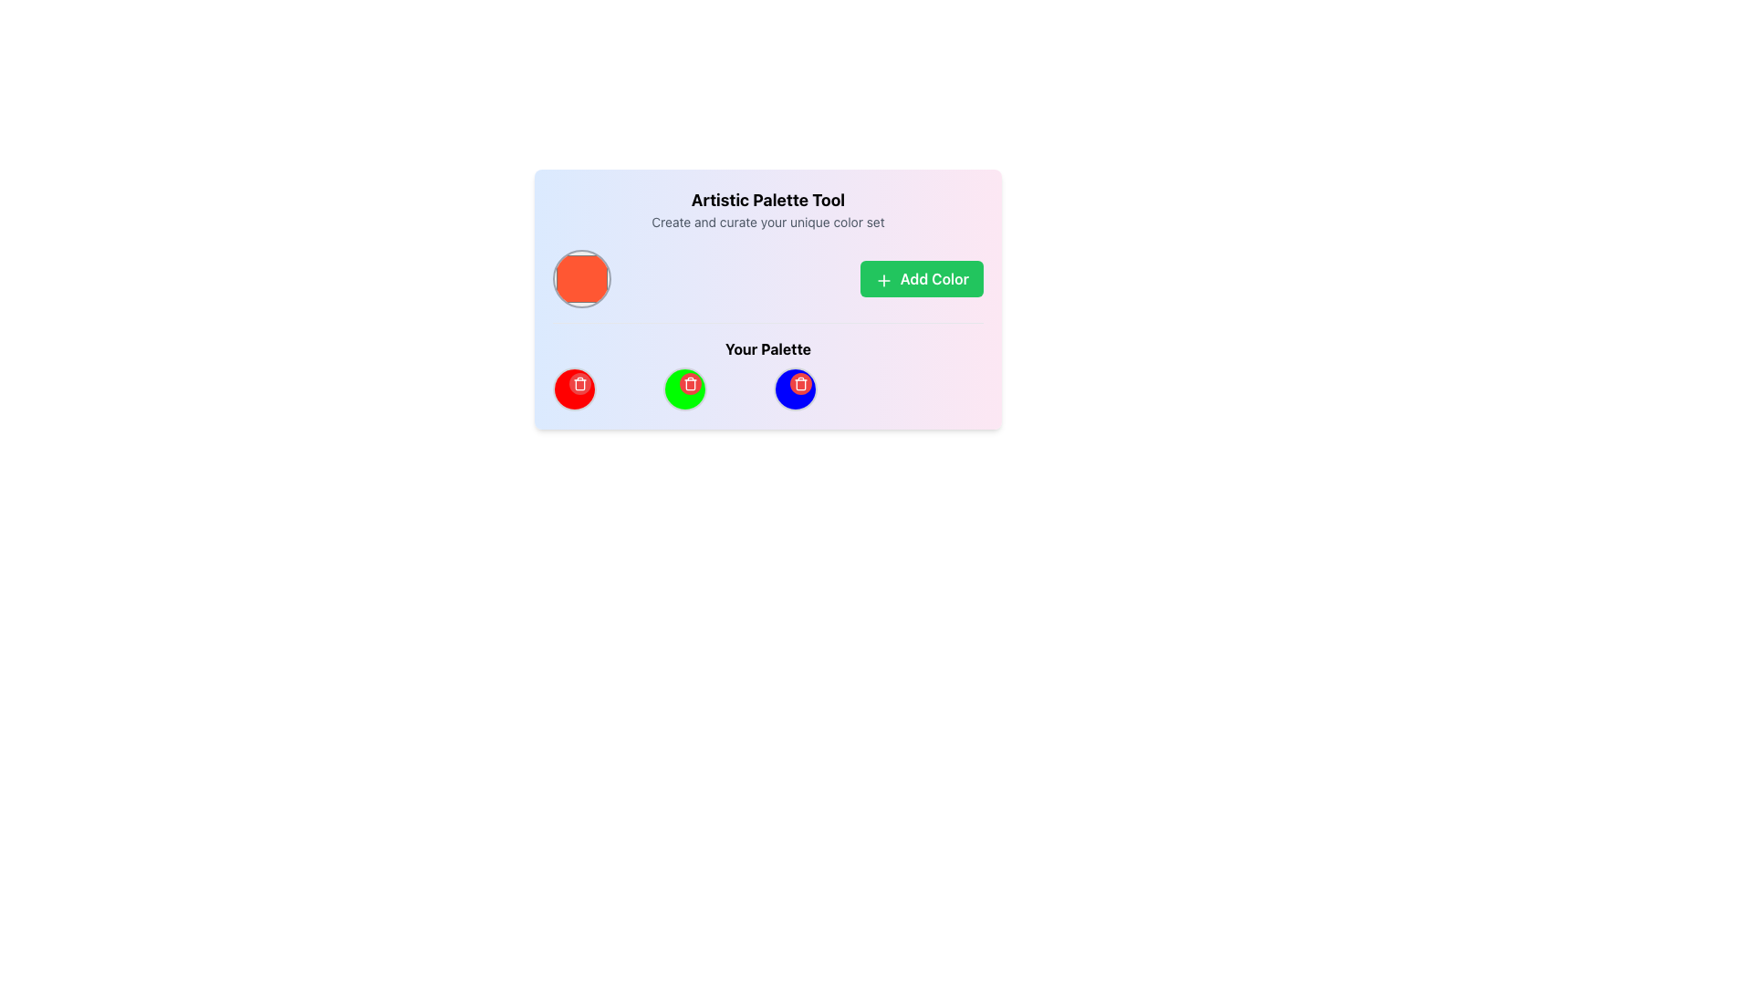 The height and width of the screenshot is (985, 1752). I want to click on the trash can icon button located in the bottom-left corner of the 'Your Palette' section, so click(690, 382).